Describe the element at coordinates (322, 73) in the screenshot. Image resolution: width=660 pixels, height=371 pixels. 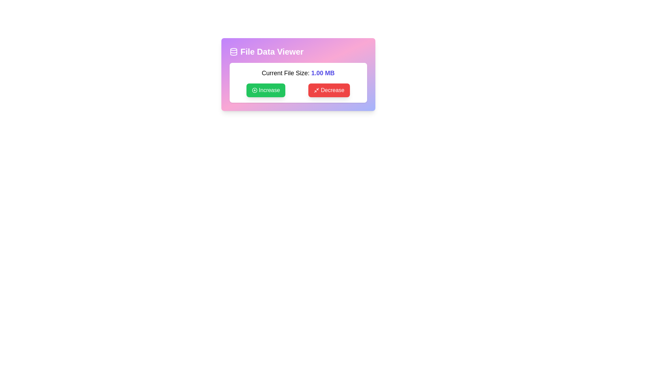
I see `the static text display element showing '1.00 MB' in blue indigo bold font, which is part of the label 'Current File Size: 1.00 MB'` at that location.